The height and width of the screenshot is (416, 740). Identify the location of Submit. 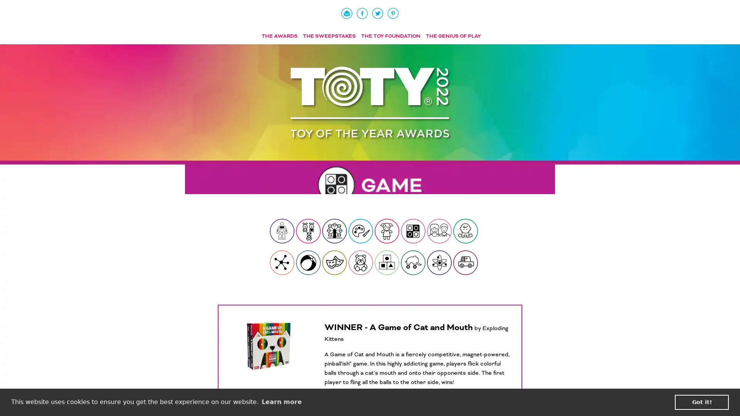
(360, 231).